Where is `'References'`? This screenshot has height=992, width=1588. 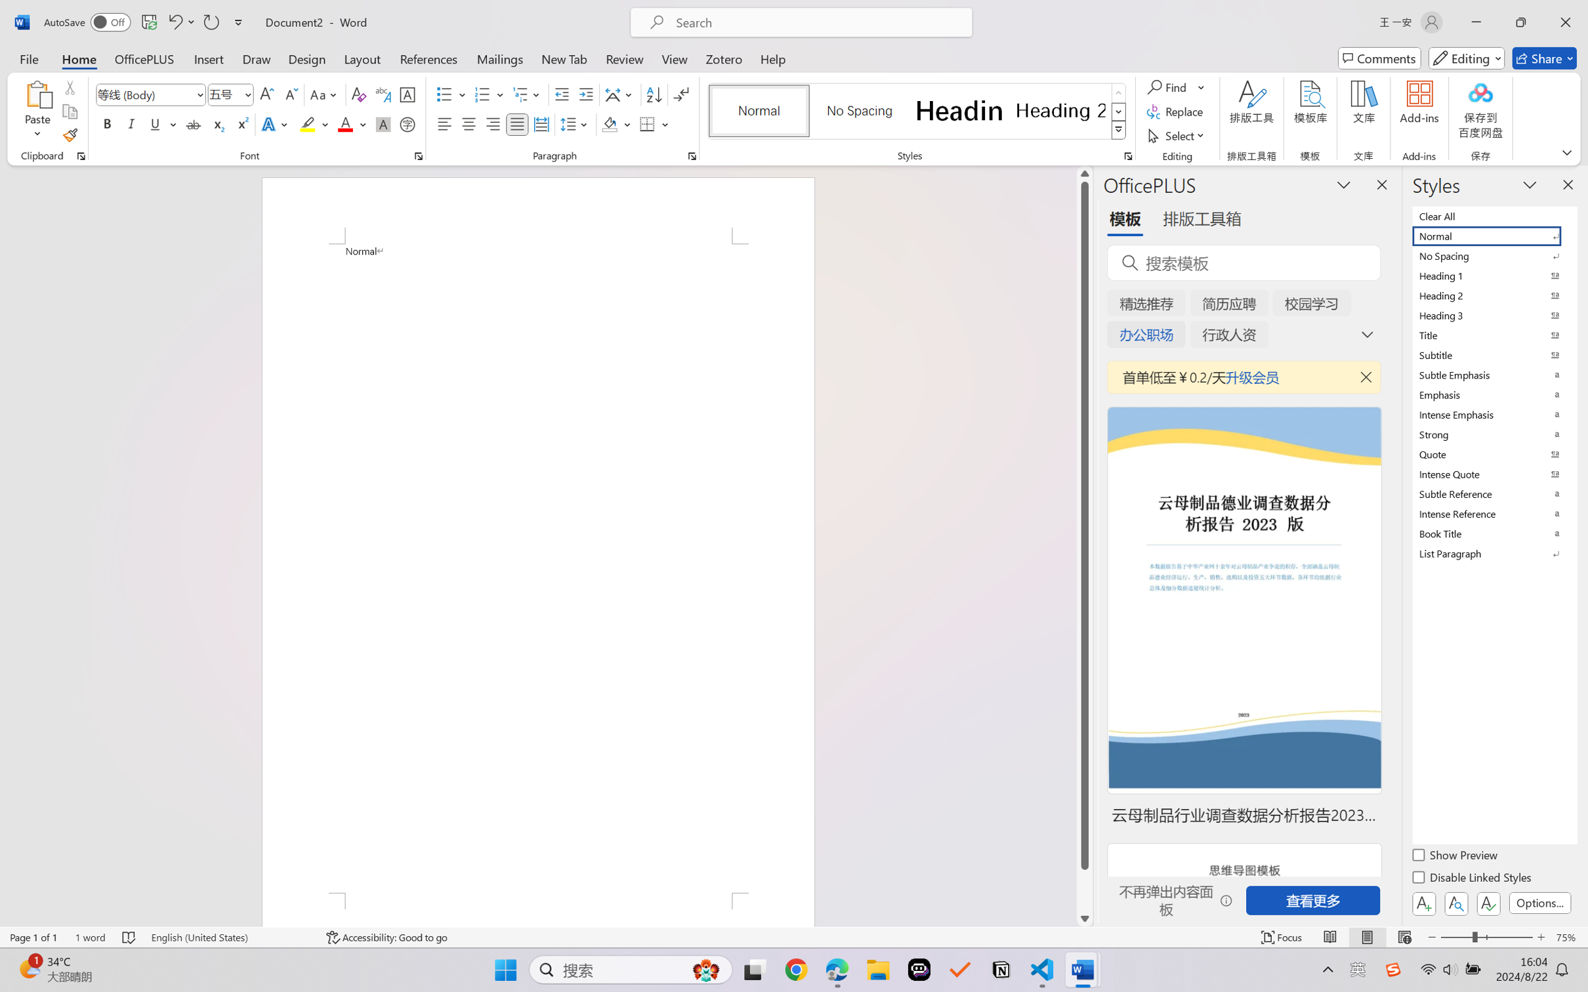
'References' is located at coordinates (428, 58).